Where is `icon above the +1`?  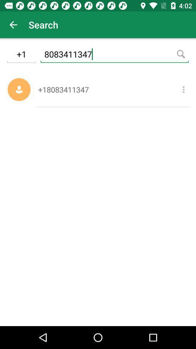 icon above the +1 is located at coordinates (13, 25).